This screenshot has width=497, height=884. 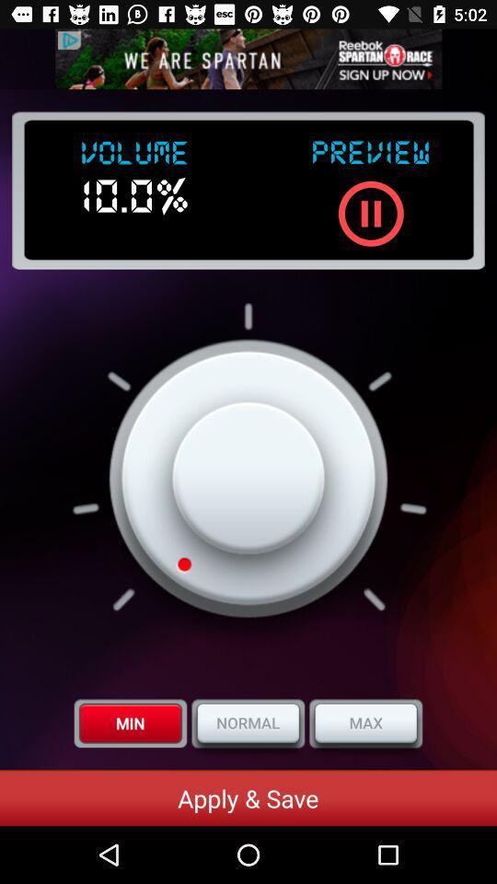 I want to click on the advisement, so click(x=248, y=59).